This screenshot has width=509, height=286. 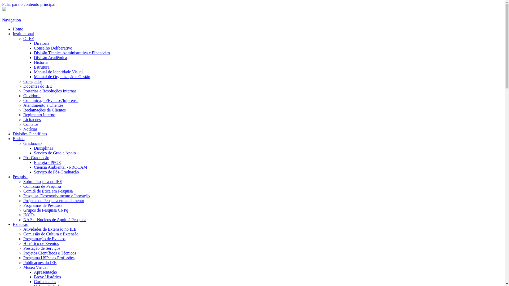 What do you see at coordinates (11, 20) in the screenshot?
I see `'Navigation'` at bounding box center [11, 20].